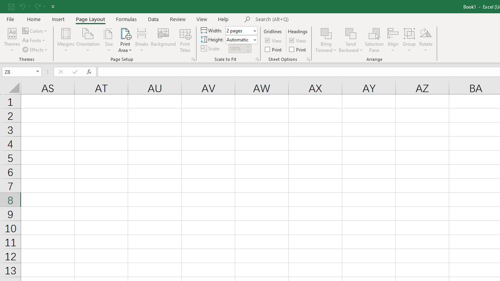 Image resolution: width=500 pixels, height=281 pixels. I want to click on 'More', so click(247, 46).